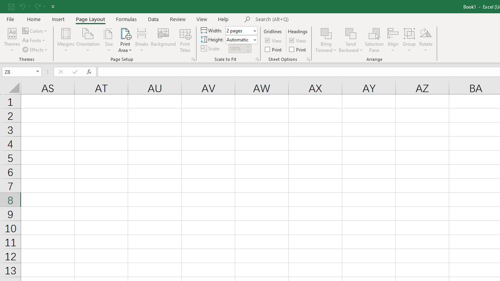 Image resolution: width=500 pixels, height=281 pixels. I want to click on 'More', so click(247, 46).